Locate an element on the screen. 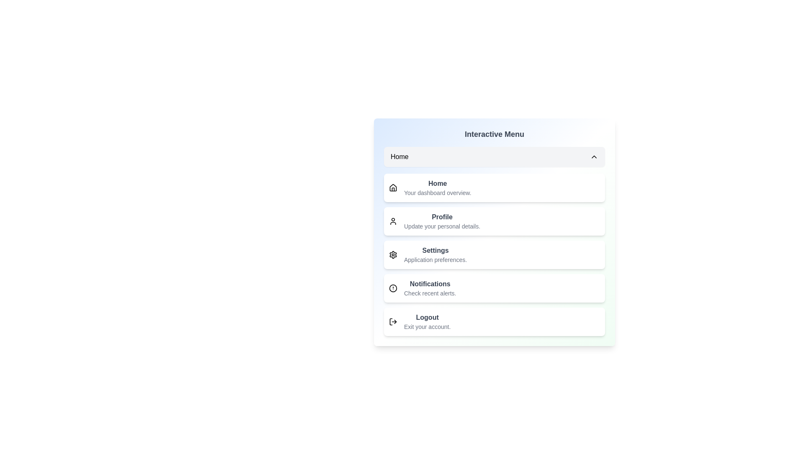 The image size is (804, 452). the menu option Logout is located at coordinates (494, 321).